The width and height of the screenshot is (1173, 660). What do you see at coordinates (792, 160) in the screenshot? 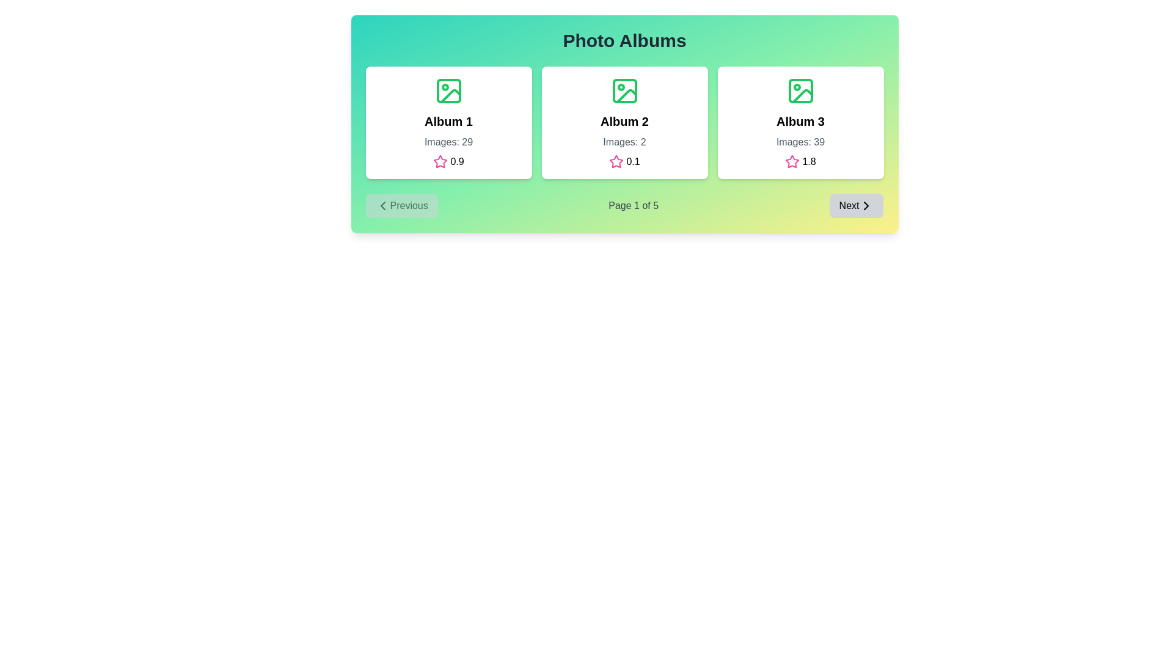
I see `the rating icon located under 'Album 2', positioned slightly to the left of the textual indication of '0.1'` at bounding box center [792, 160].